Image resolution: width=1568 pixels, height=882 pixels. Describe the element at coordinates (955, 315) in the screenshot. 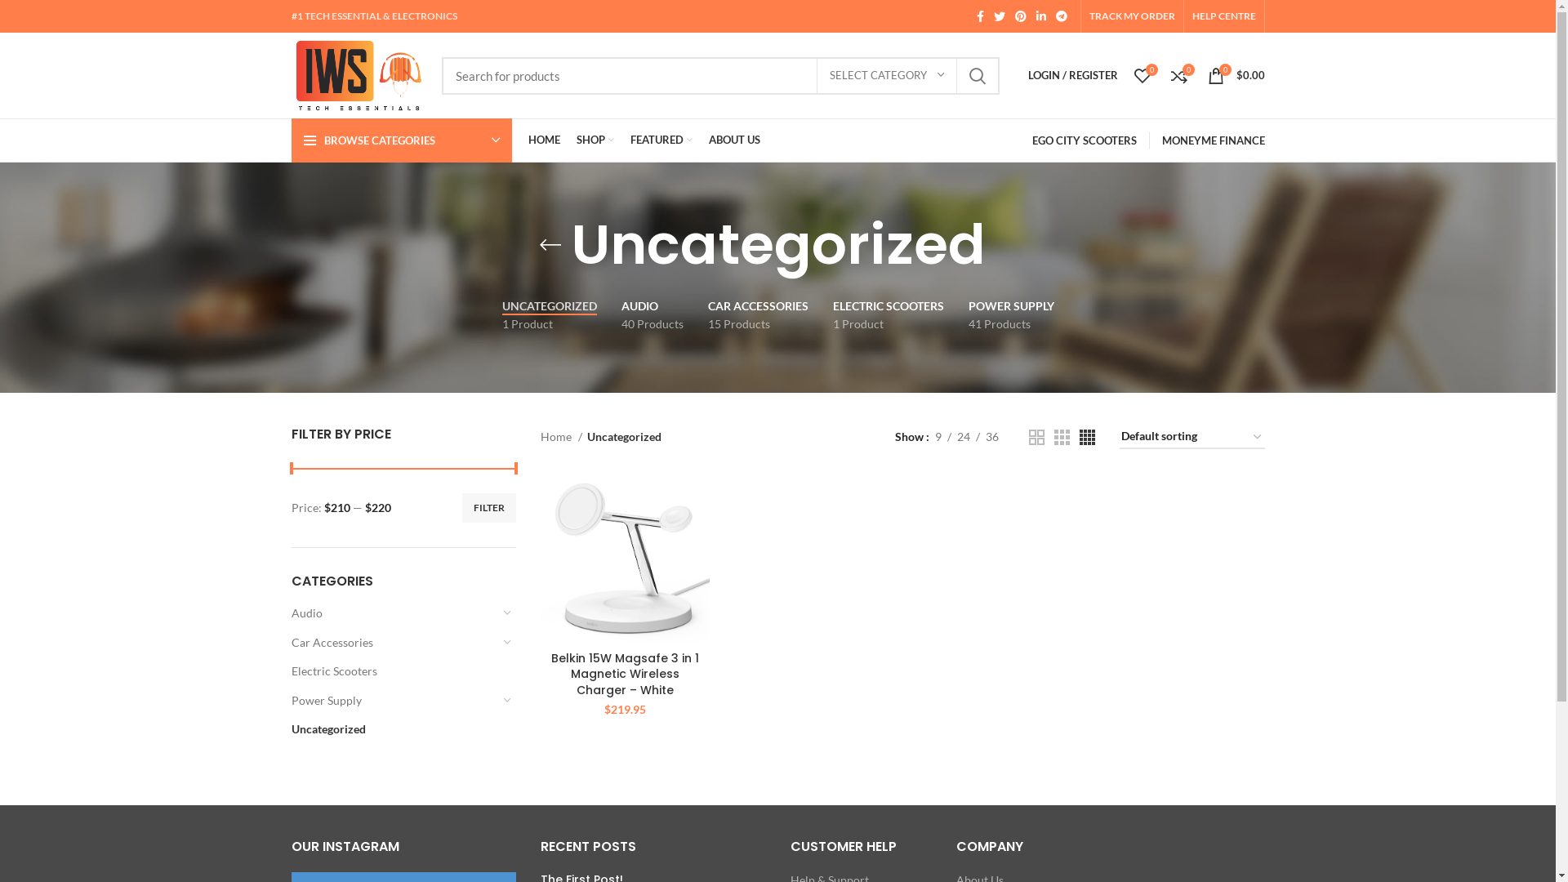

I see `'POWER SUPPLY` at that location.